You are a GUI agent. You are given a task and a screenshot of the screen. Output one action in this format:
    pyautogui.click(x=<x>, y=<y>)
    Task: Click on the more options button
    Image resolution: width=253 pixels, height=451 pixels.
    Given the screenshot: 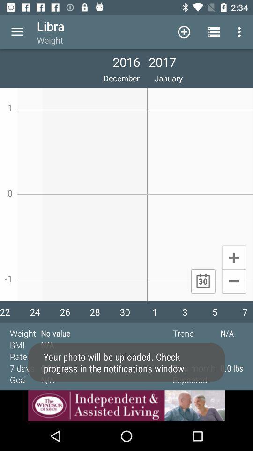 What is the action you would take?
    pyautogui.click(x=17, y=32)
    